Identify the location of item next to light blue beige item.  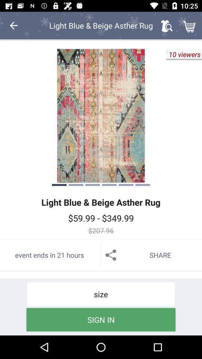
(166, 25).